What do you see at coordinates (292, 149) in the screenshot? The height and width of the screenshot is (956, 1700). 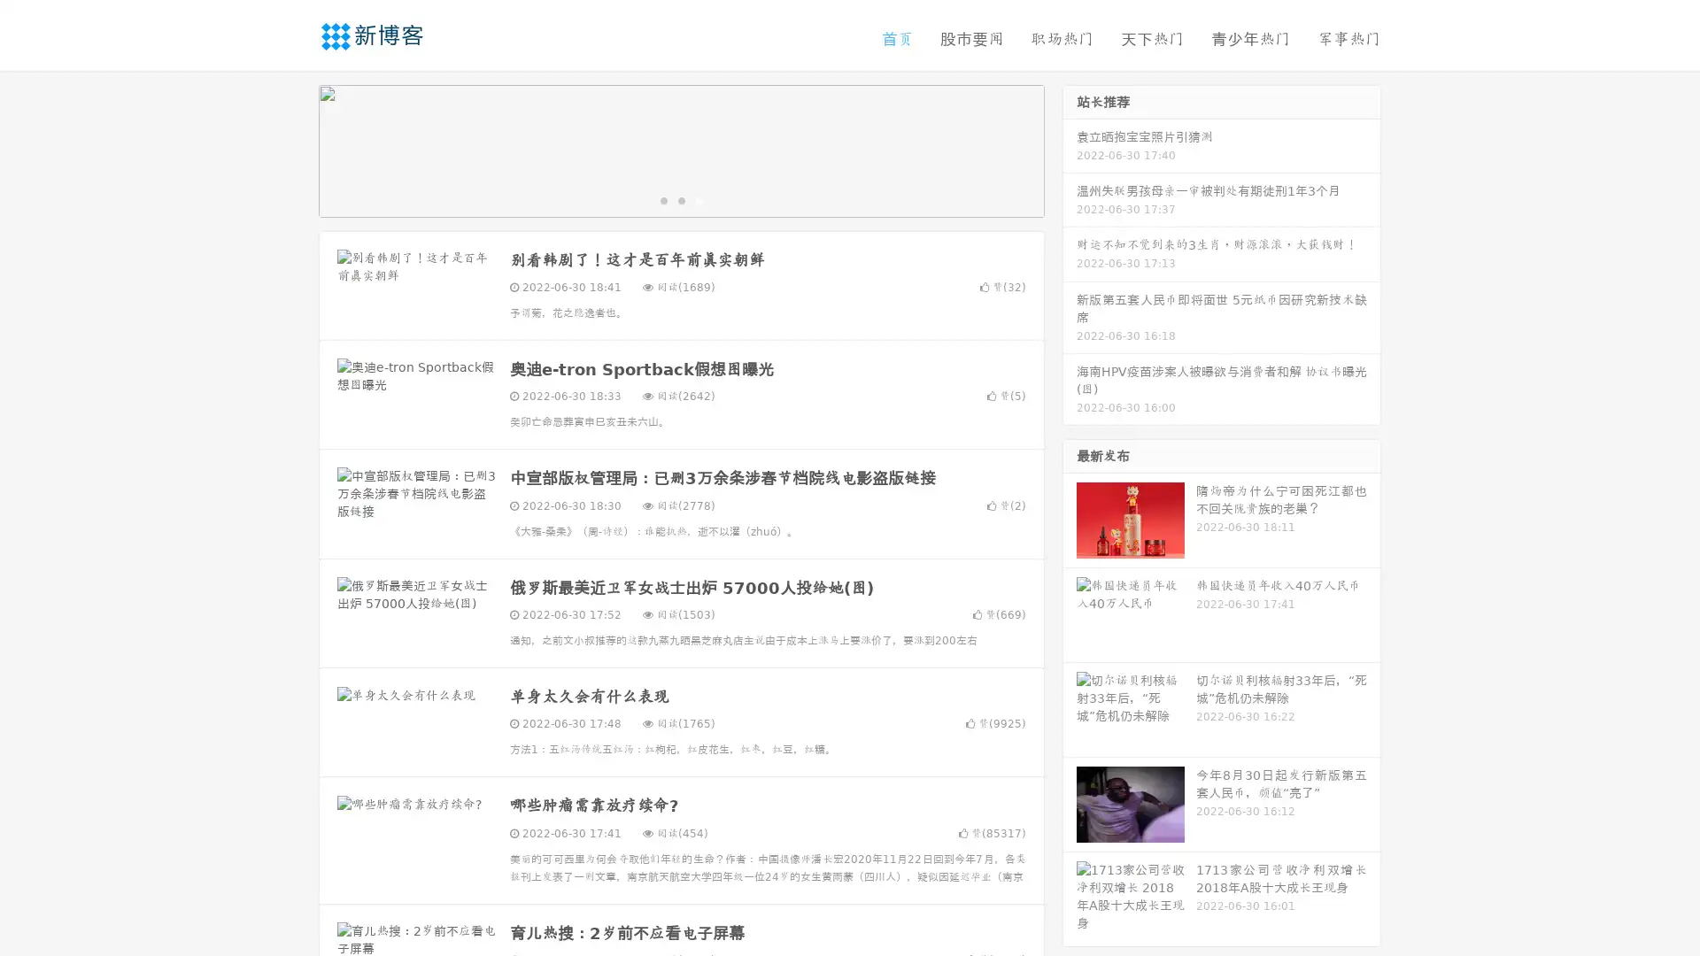 I see `Previous slide` at bounding box center [292, 149].